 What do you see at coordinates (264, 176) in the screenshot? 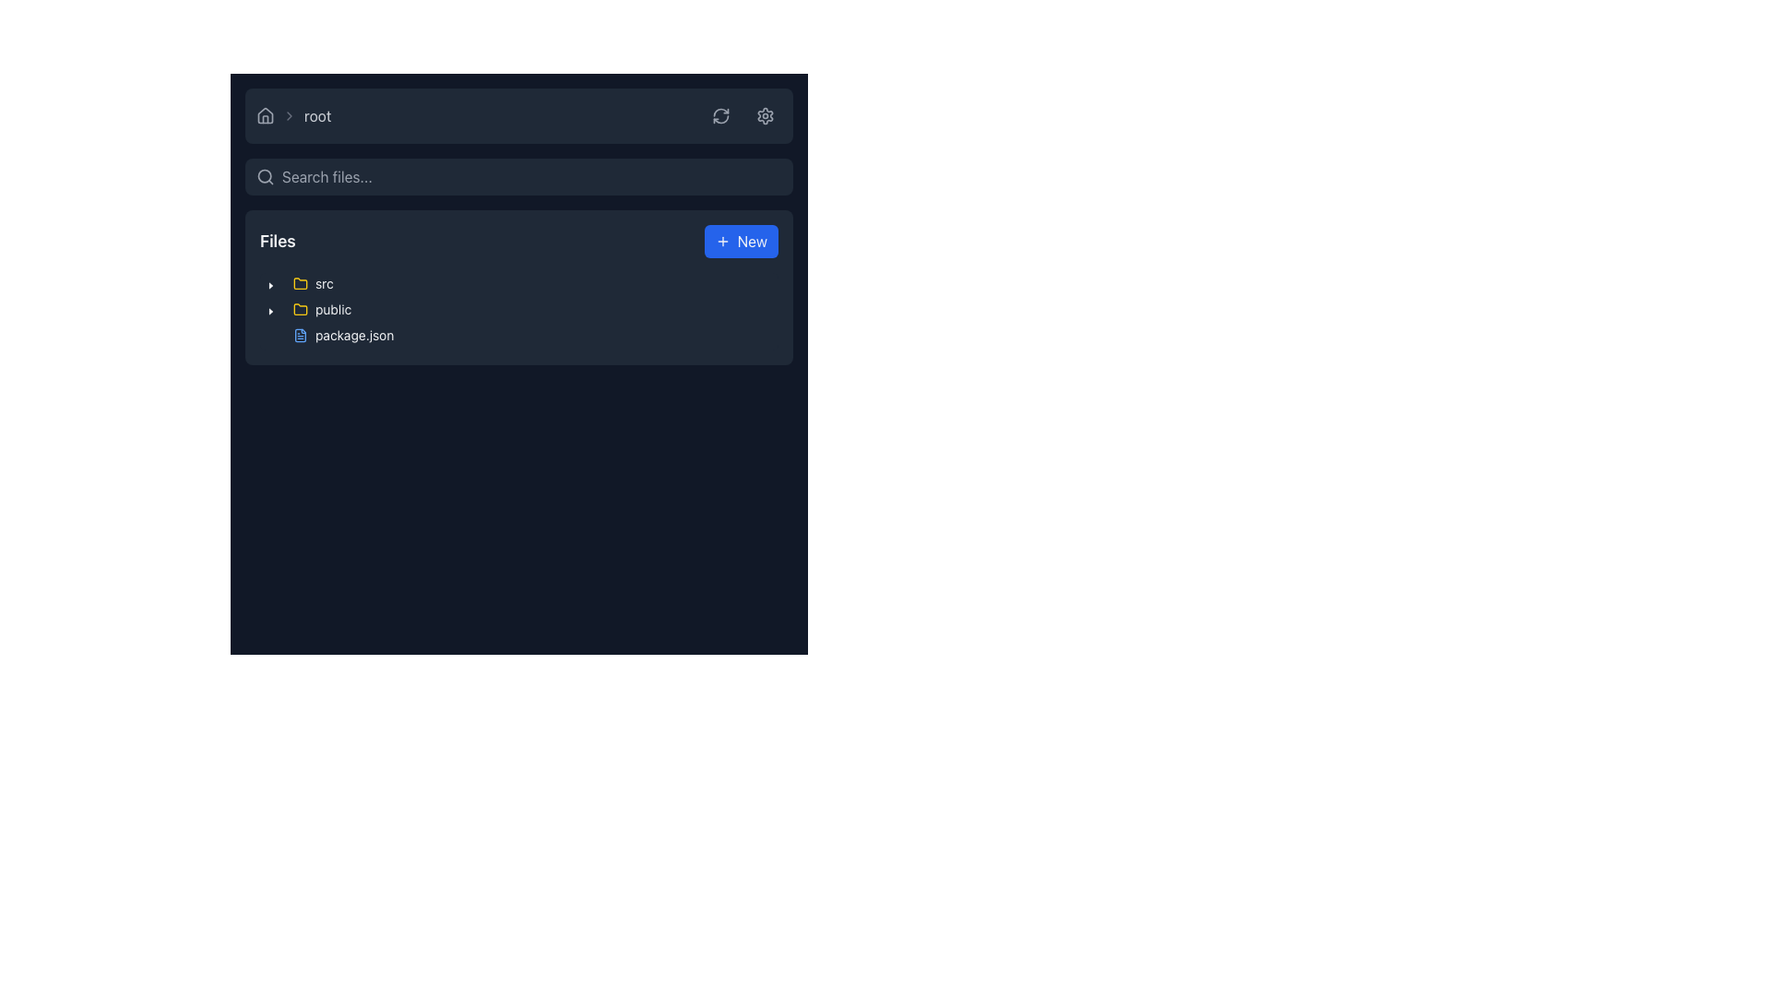
I see `the circular lens of the search icon, which is part of the magnifying glass design located on the left side of the search bar` at bounding box center [264, 176].